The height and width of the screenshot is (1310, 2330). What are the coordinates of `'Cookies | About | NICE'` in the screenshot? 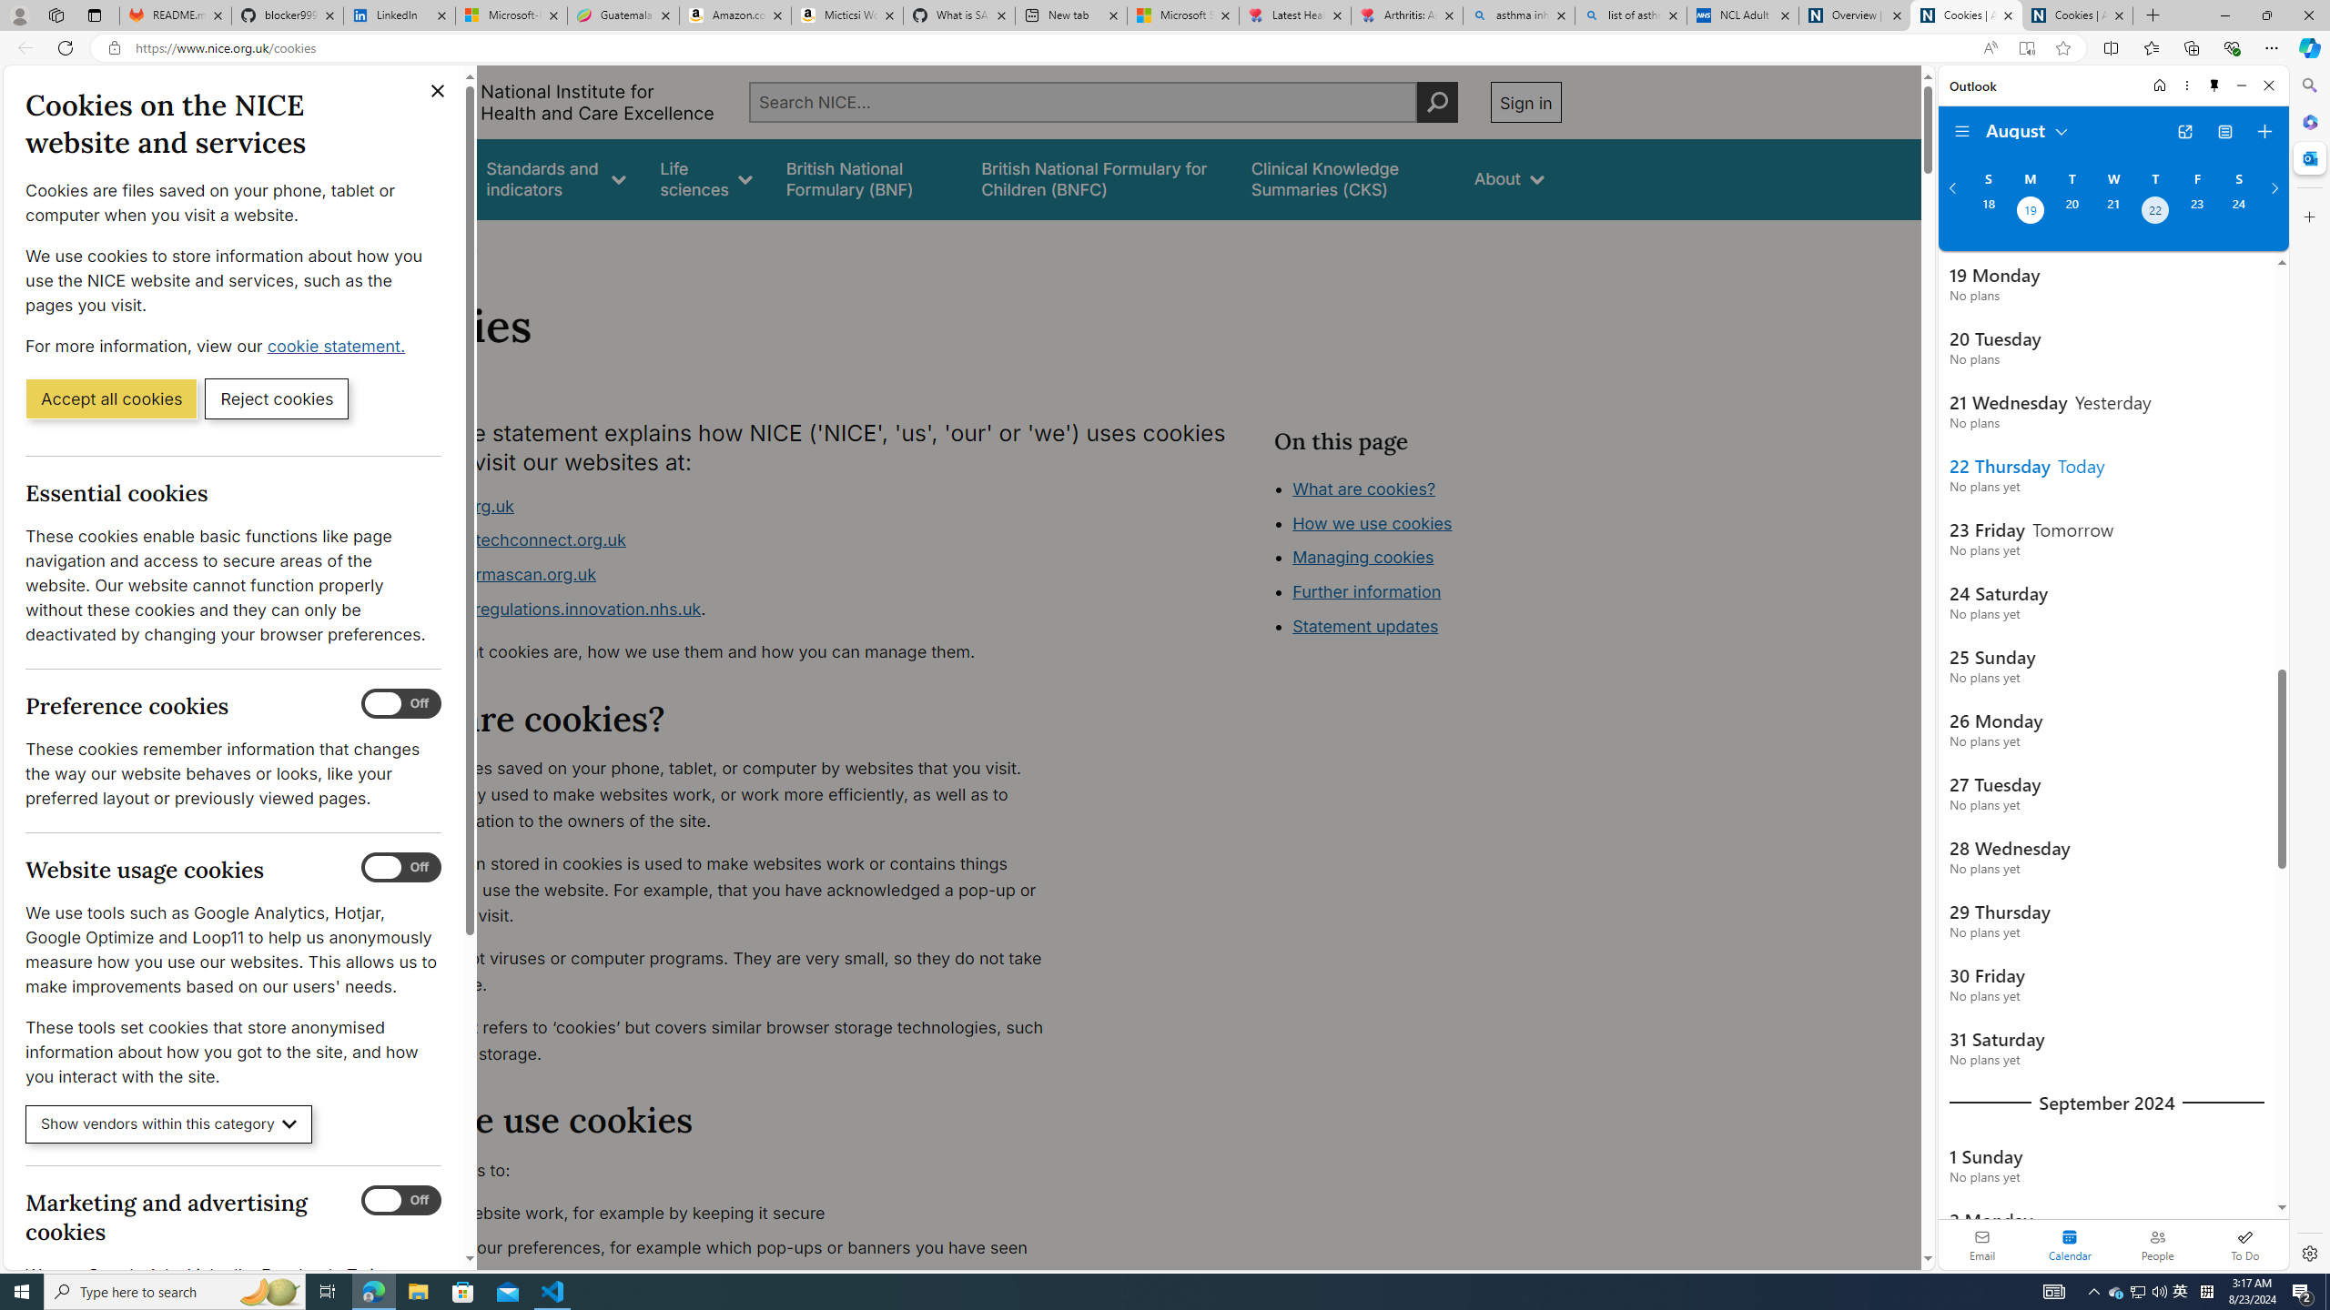 It's located at (2077, 15).